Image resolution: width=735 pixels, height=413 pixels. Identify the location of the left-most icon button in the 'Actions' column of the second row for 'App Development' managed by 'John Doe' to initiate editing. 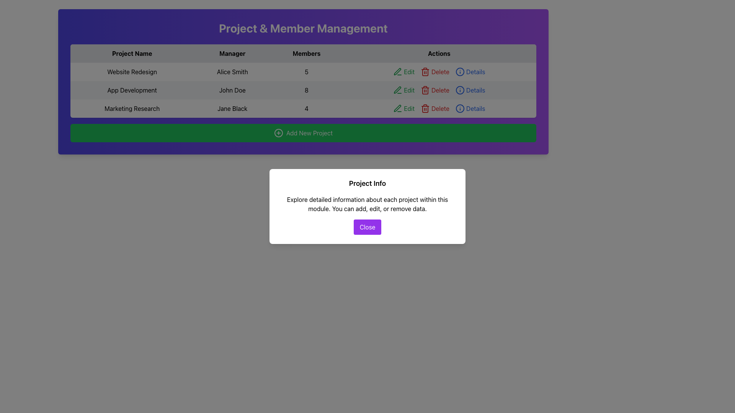
(397, 71).